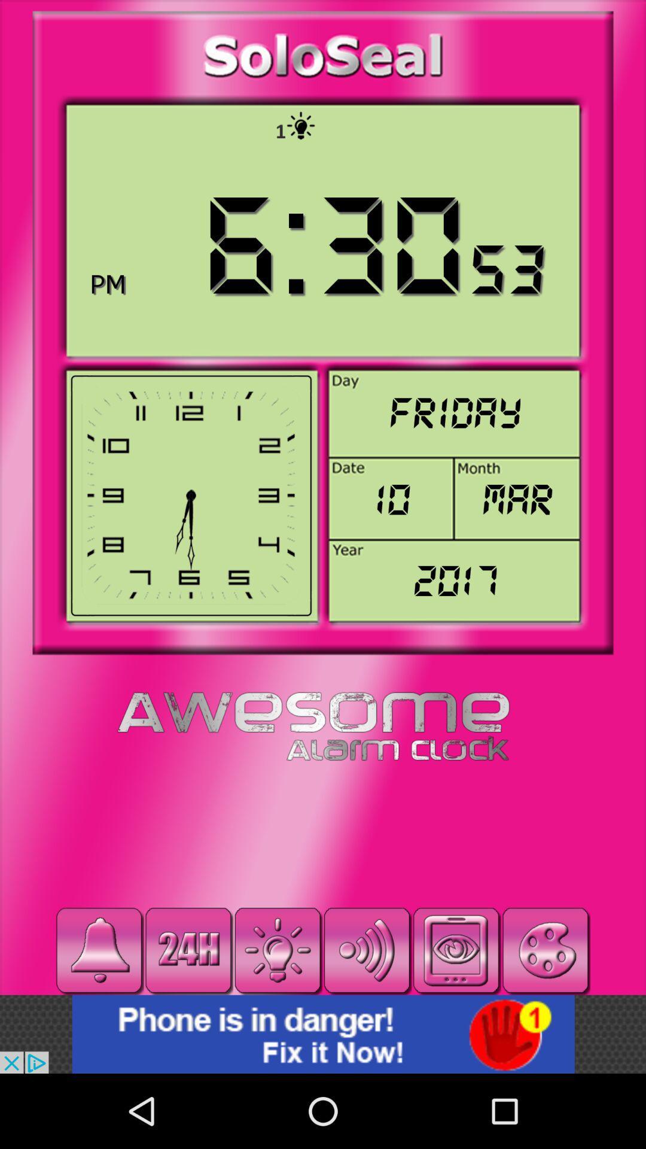 Image resolution: width=646 pixels, height=1149 pixels. What do you see at coordinates (366, 950) in the screenshot?
I see `volume control` at bounding box center [366, 950].